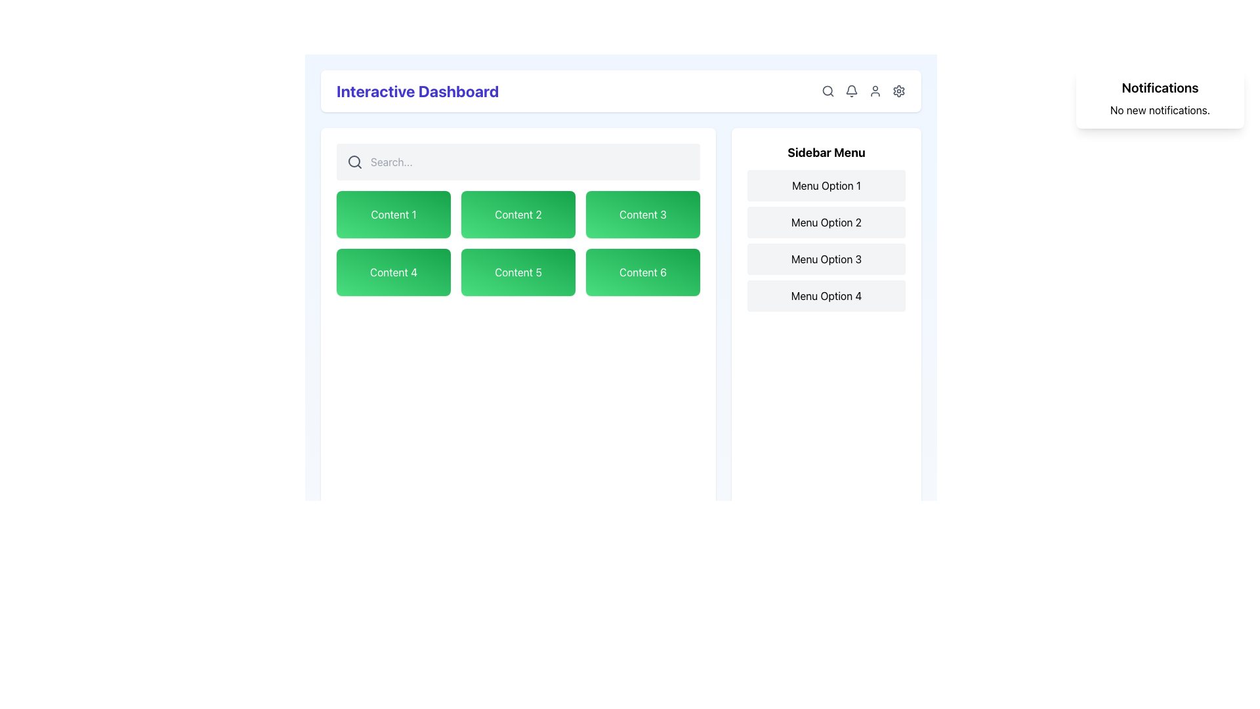  Describe the element at coordinates (642, 272) in the screenshot. I see `the button labeled 'Content 6', which is a rectangular button with rounded corners and a gradient background transitioning from green to darker green, to trigger hover effects` at that location.